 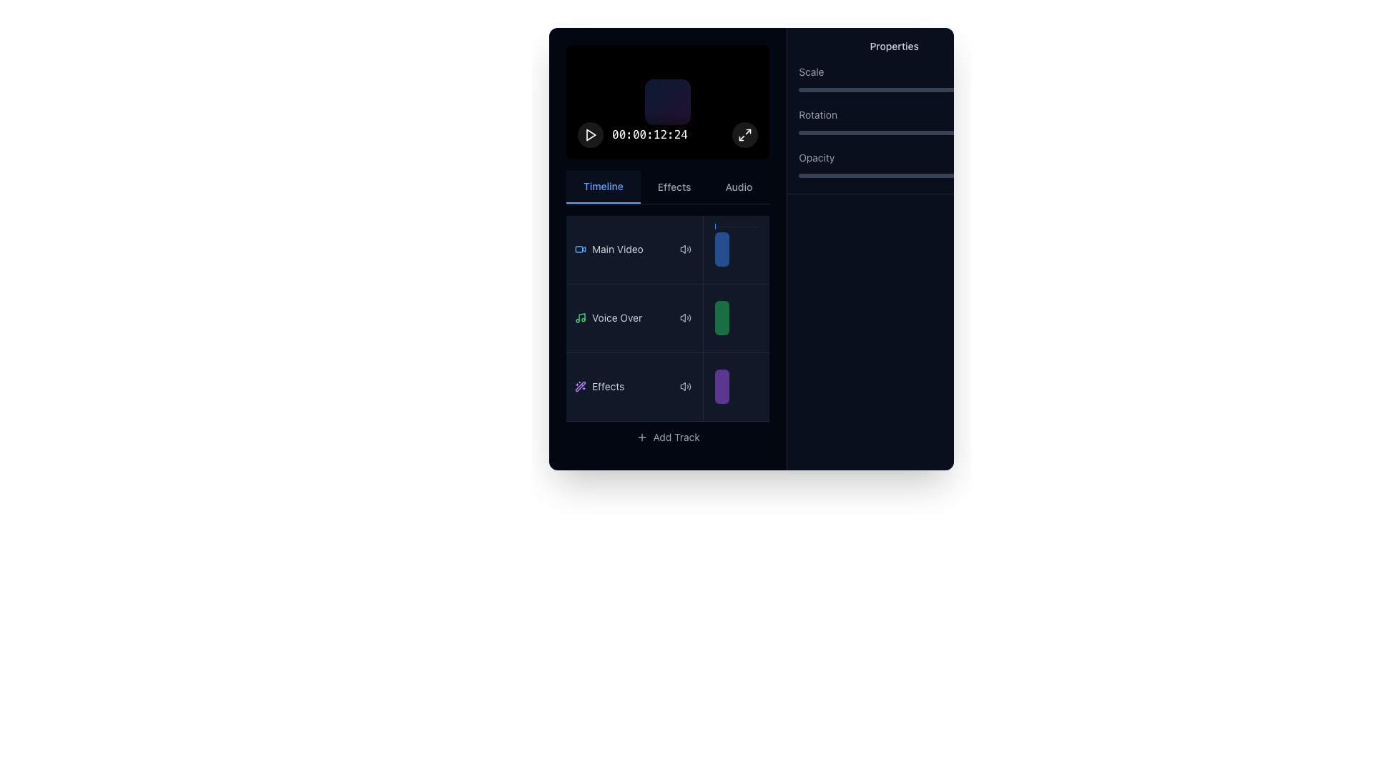 I want to click on the green music icon with a note and circular accents located to the left of the text 'Voice Over' in the second row of the 'Timeline' section, so click(x=580, y=317).